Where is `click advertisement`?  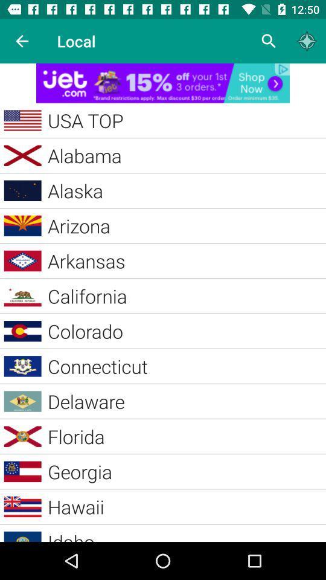 click advertisement is located at coordinates (163, 82).